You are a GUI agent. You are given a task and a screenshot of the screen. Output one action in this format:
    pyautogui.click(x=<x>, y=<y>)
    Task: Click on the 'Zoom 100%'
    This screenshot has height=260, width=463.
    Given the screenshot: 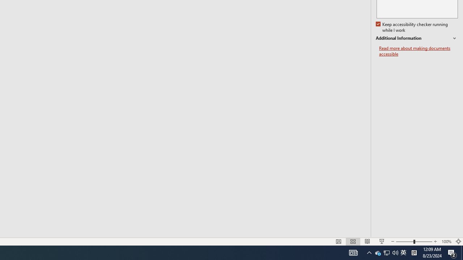 What is the action you would take?
    pyautogui.click(x=446, y=242)
    